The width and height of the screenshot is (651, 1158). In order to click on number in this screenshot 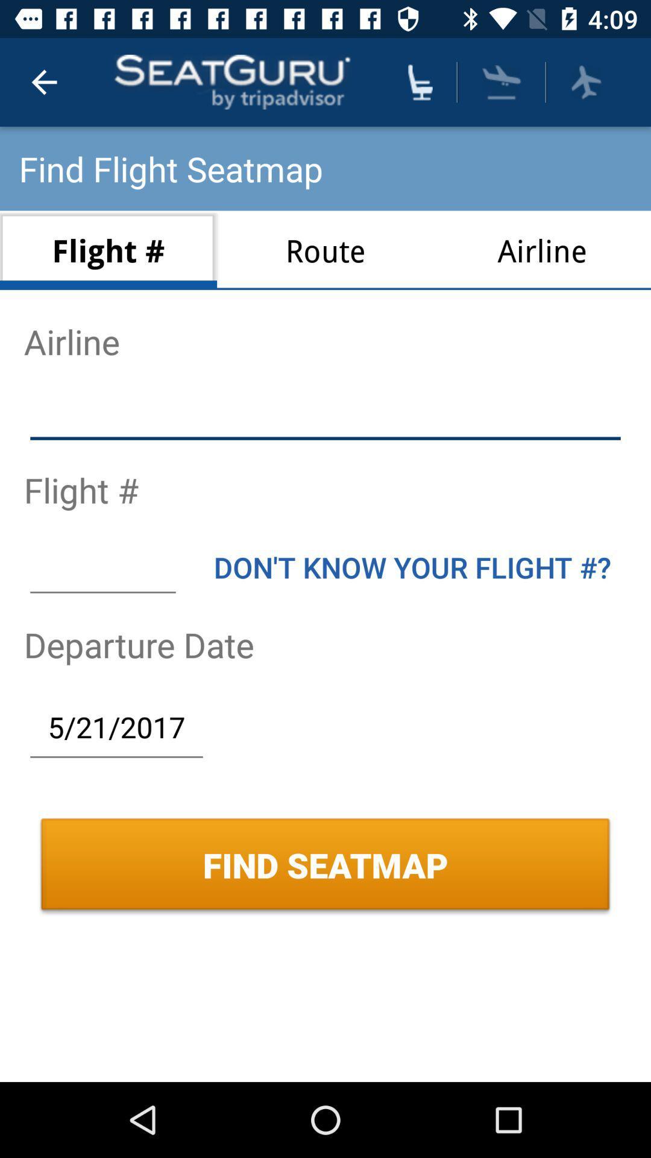, I will do `click(102, 566)`.